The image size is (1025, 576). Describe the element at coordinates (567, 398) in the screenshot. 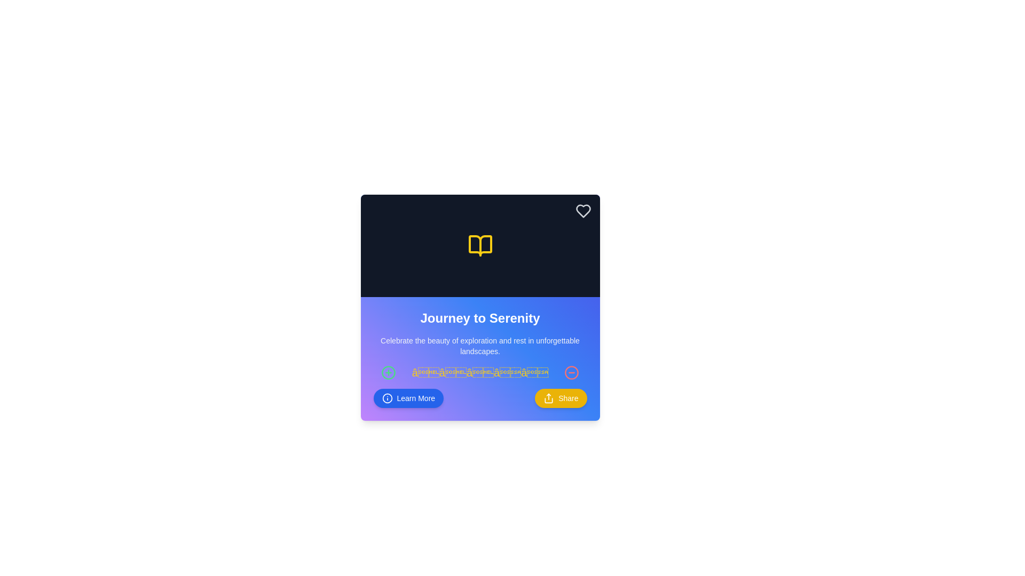

I see `the text label indicating the share function within the yellow share button located at the bottom right of the panel` at that location.